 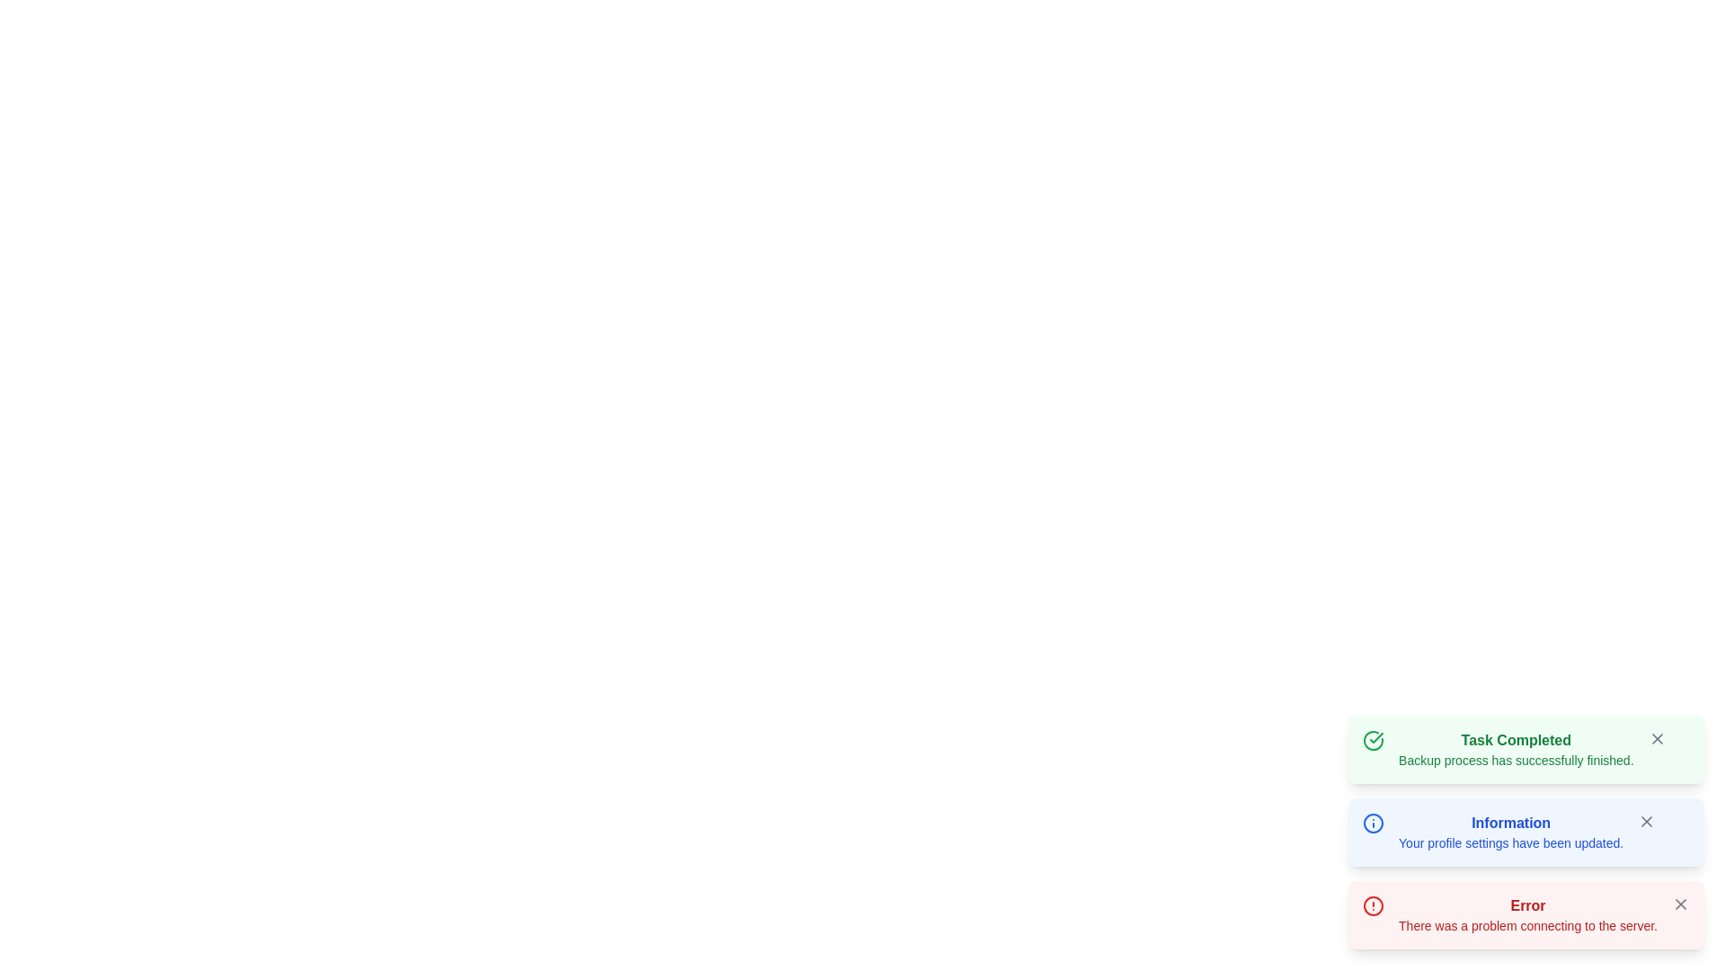 I want to click on the third notification with a red border and light red background that contains an 'Error' header and a close button, to potentially reveal additional actions, so click(x=1526, y=915).